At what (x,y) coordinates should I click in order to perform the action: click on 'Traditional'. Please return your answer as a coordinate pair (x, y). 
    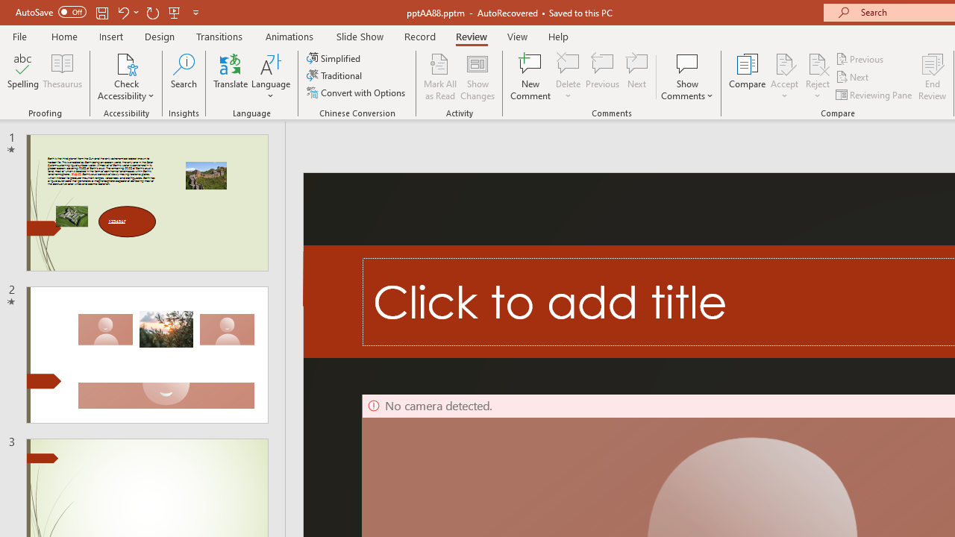
    Looking at the image, I should click on (334, 75).